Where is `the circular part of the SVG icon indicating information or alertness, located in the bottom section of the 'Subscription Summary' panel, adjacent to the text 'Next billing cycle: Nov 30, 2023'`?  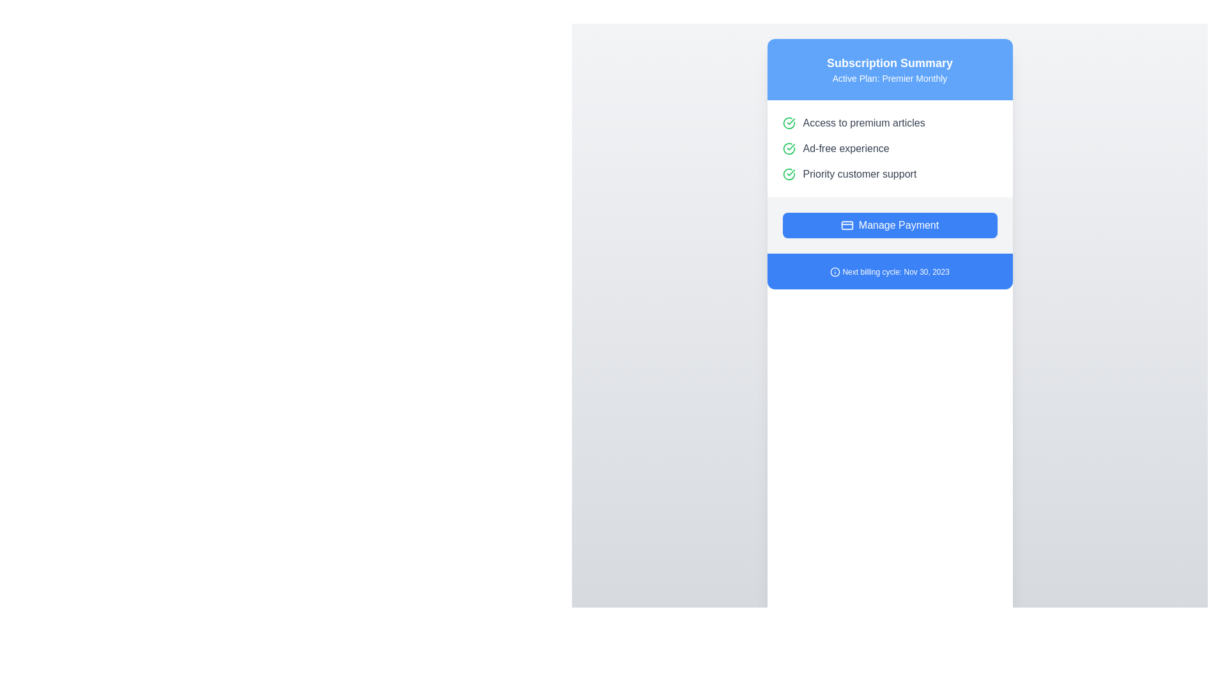
the circular part of the SVG icon indicating information or alertness, located in the bottom section of the 'Subscription Summary' panel, adjacent to the text 'Next billing cycle: Nov 30, 2023' is located at coordinates (835, 271).